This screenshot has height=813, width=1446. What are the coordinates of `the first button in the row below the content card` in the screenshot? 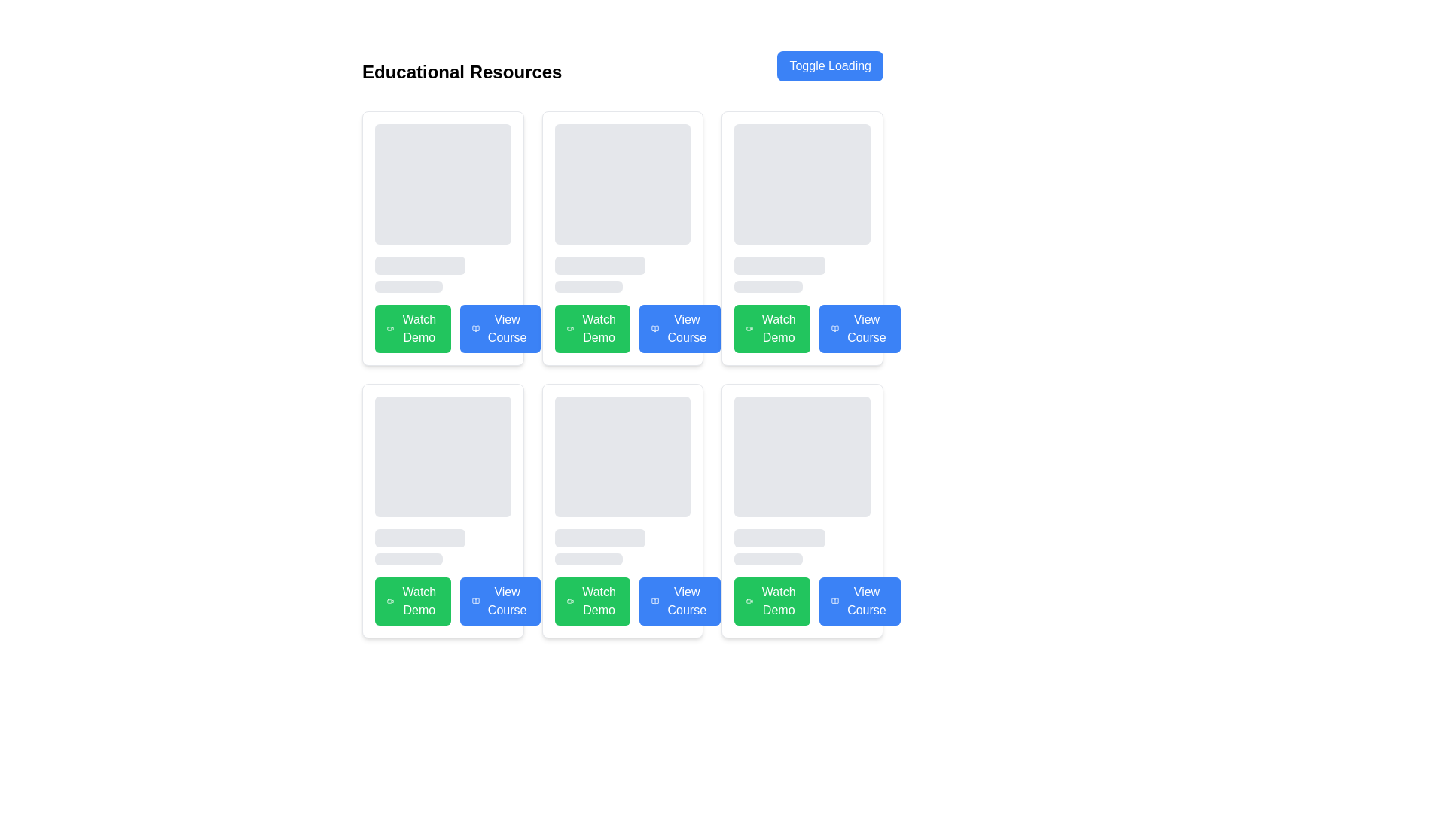 It's located at (592, 327).